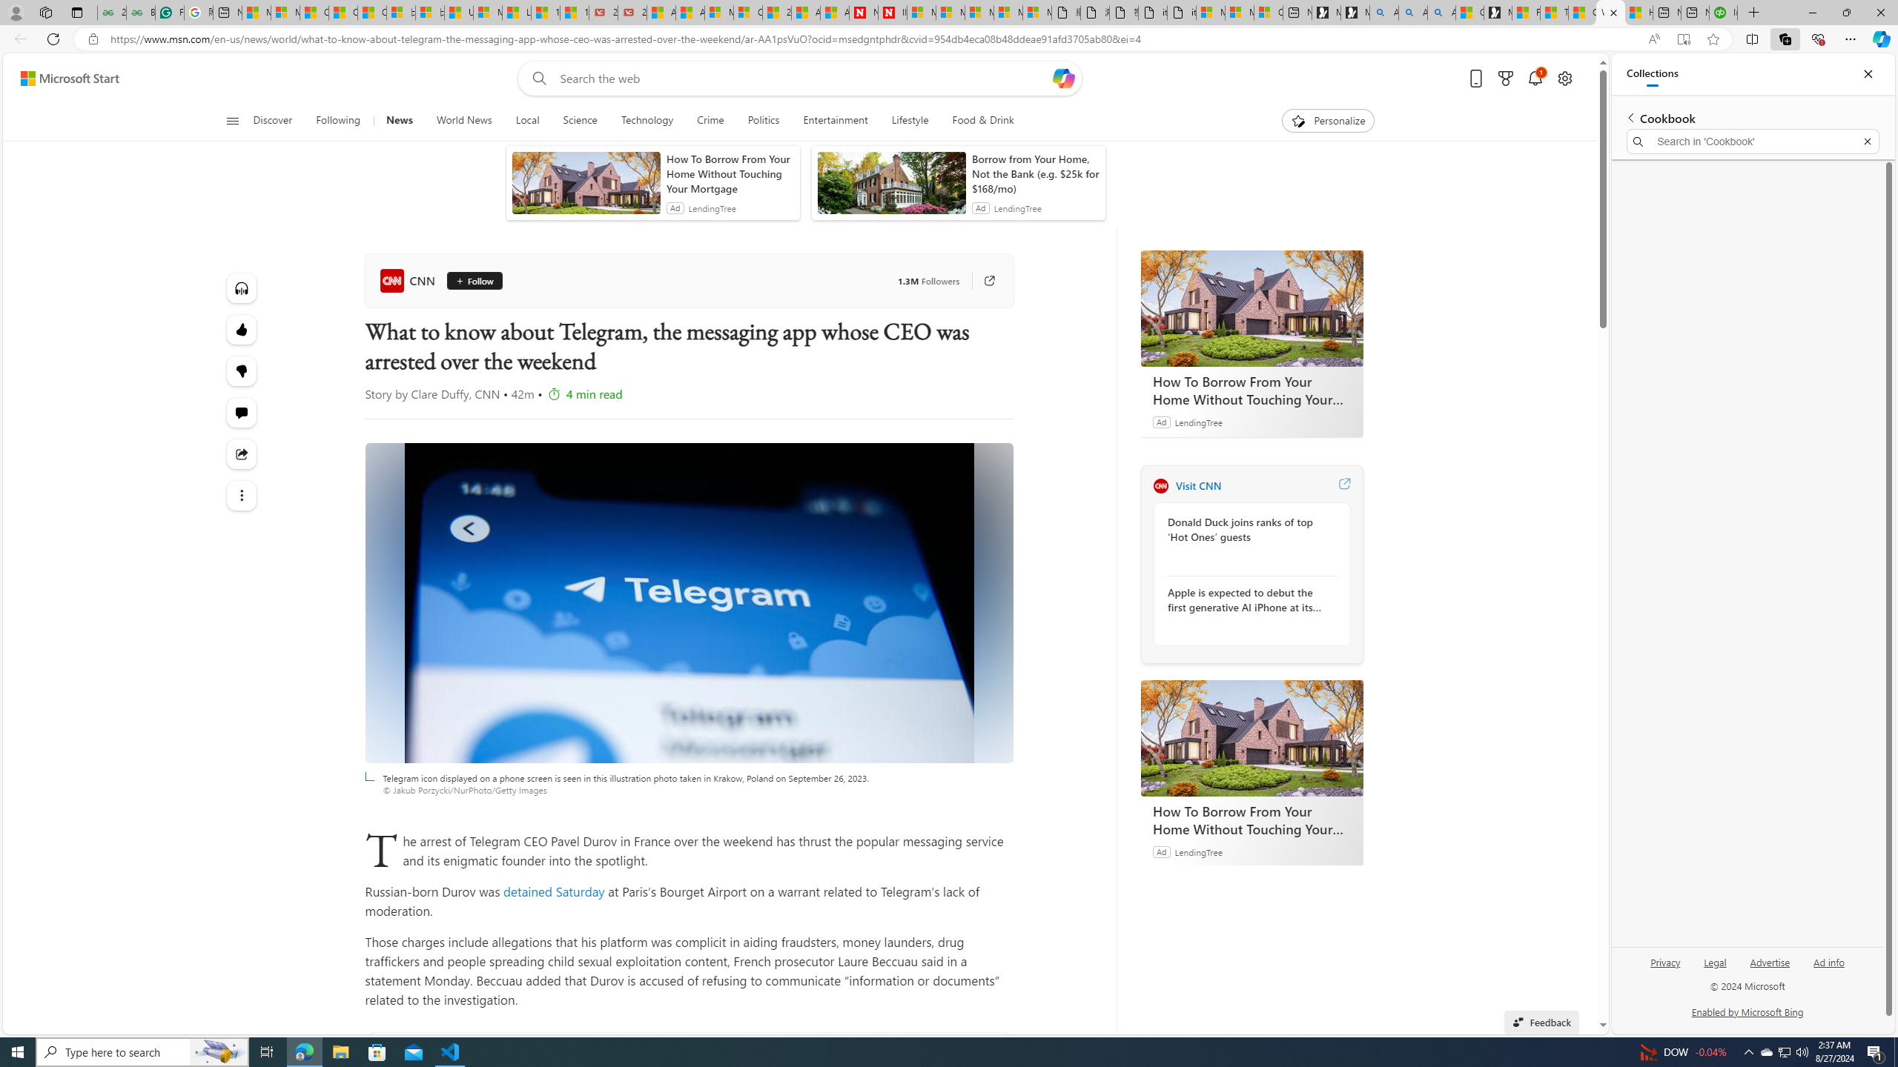  Describe the element at coordinates (1441, 12) in the screenshot. I see `'Alabama high school quarterback dies - Search Videos'` at that location.